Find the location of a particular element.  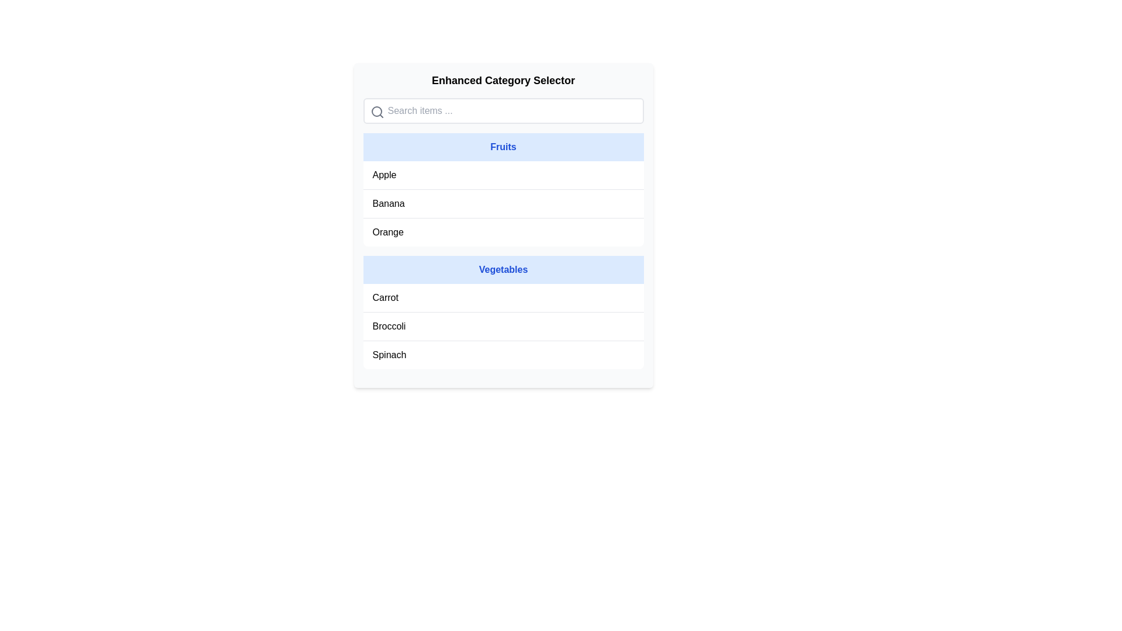

the text label that displays 'Banana', which is the second item in the 'Fruits' category list, located towards the center of the interface is located at coordinates (389, 203).